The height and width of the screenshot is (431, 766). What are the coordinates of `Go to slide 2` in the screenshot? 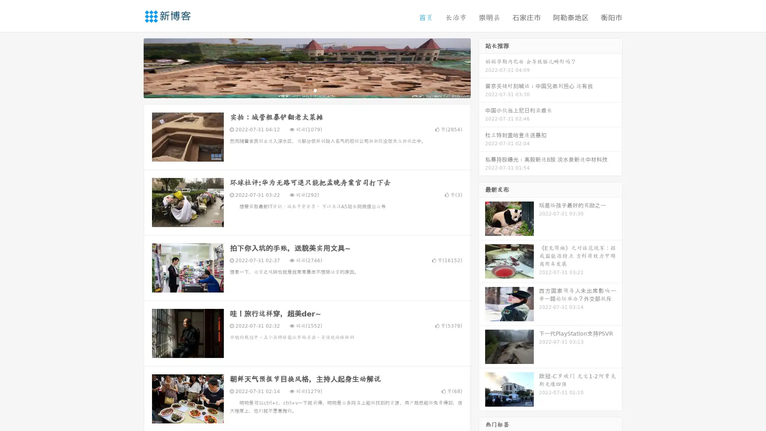 It's located at (306, 90).